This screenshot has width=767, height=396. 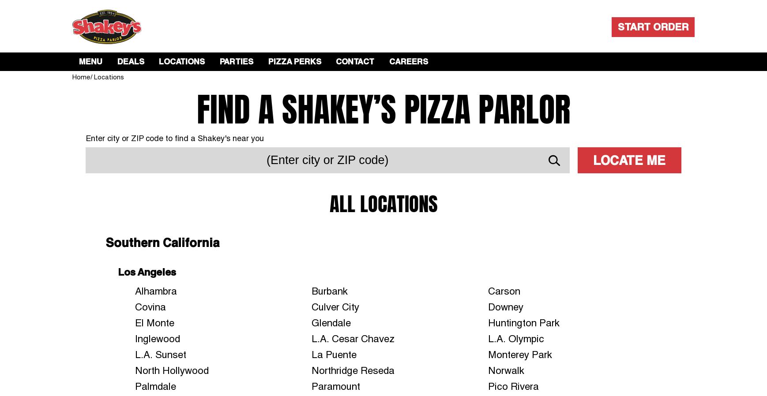 What do you see at coordinates (523, 322) in the screenshot?
I see `'Huntington Park'` at bounding box center [523, 322].